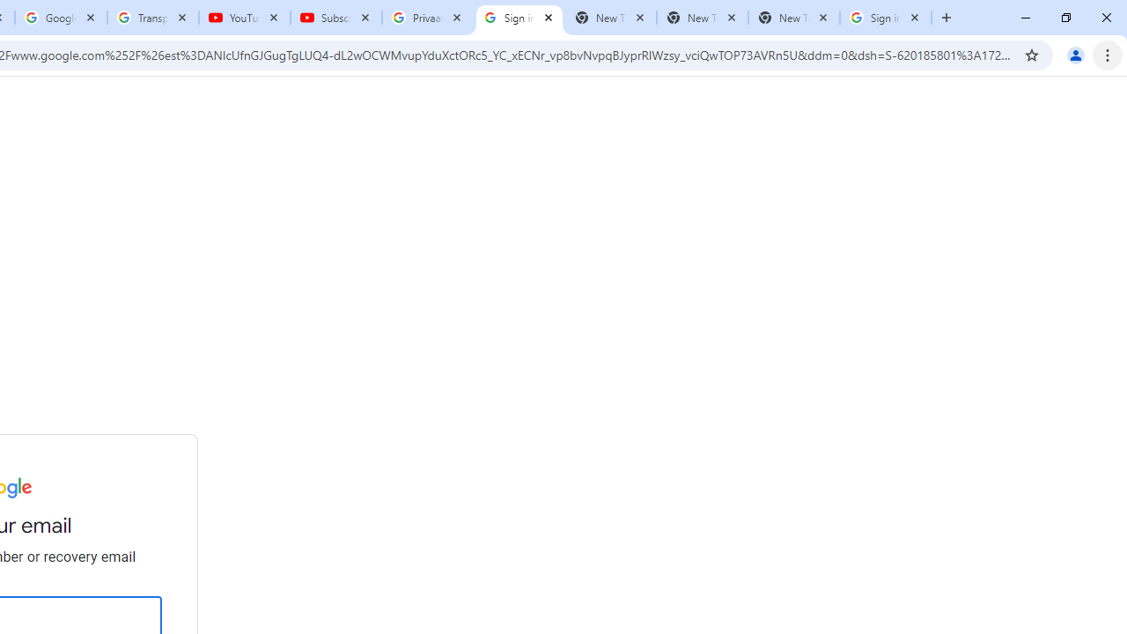 The image size is (1127, 634). Describe the element at coordinates (1031, 54) in the screenshot. I see `'Bookmark this tab'` at that location.